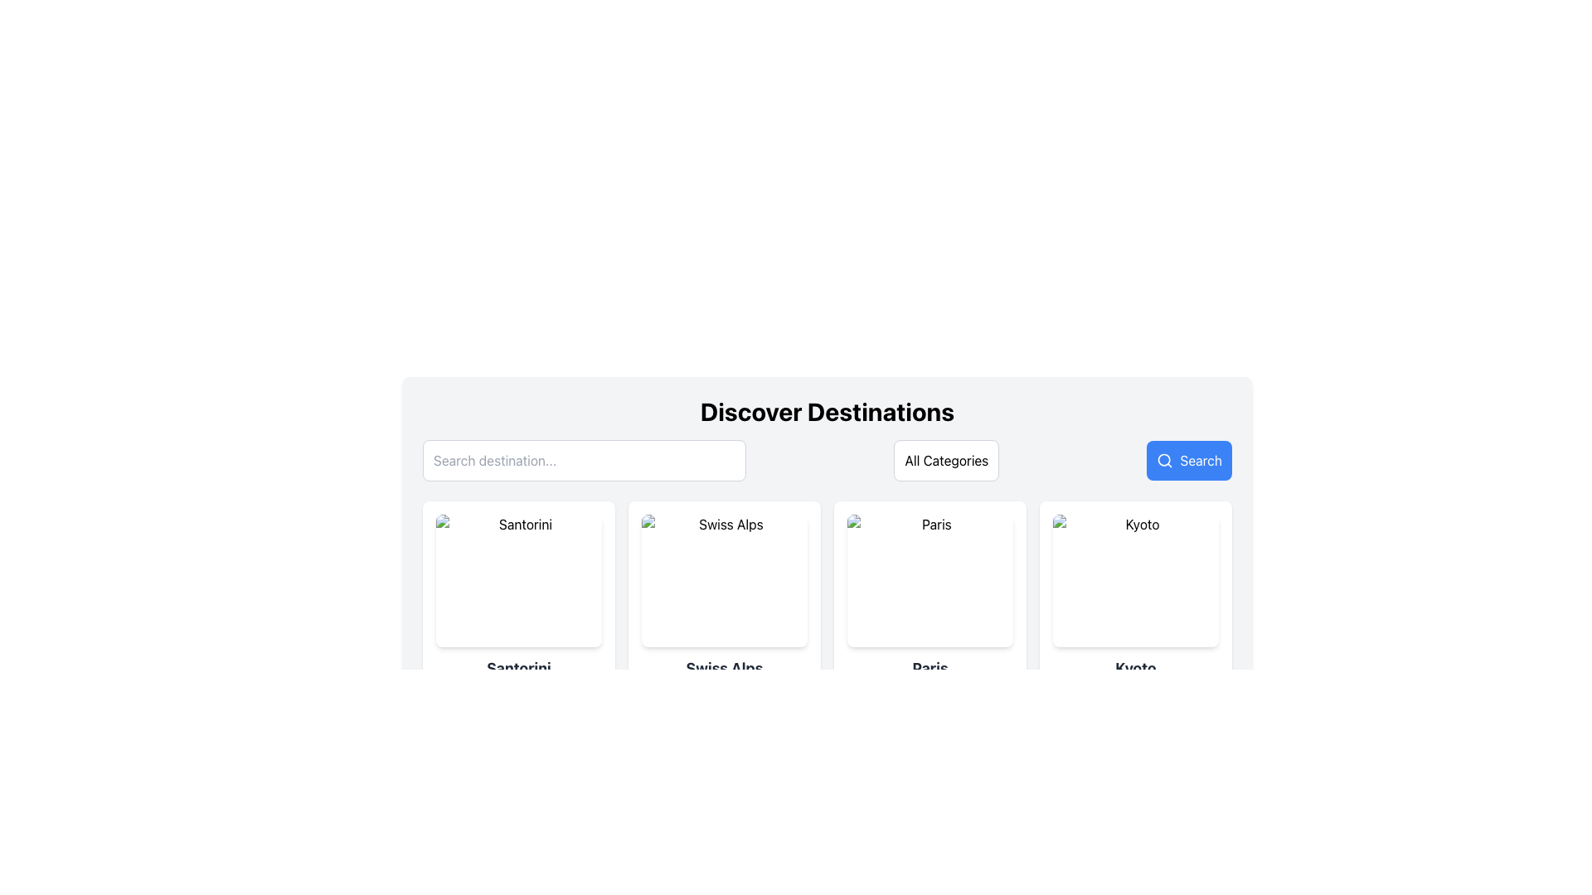 The image size is (1592, 895). What do you see at coordinates (517, 667) in the screenshot?
I see `the static text label displaying 'Santorini', which is a bolded dark gray text centered beneath an image in a white card component` at bounding box center [517, 667].